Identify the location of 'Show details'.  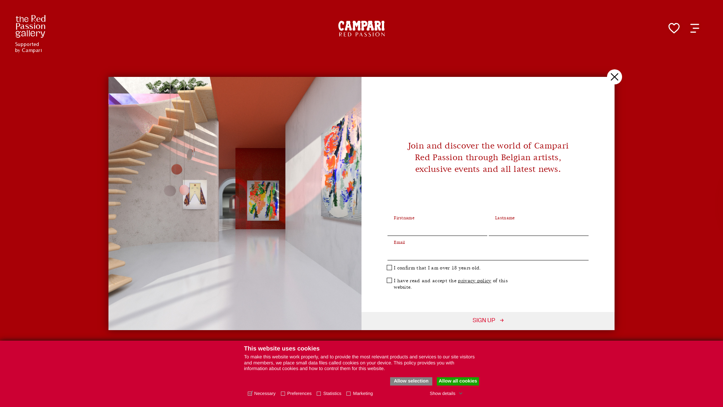
(446, 393).